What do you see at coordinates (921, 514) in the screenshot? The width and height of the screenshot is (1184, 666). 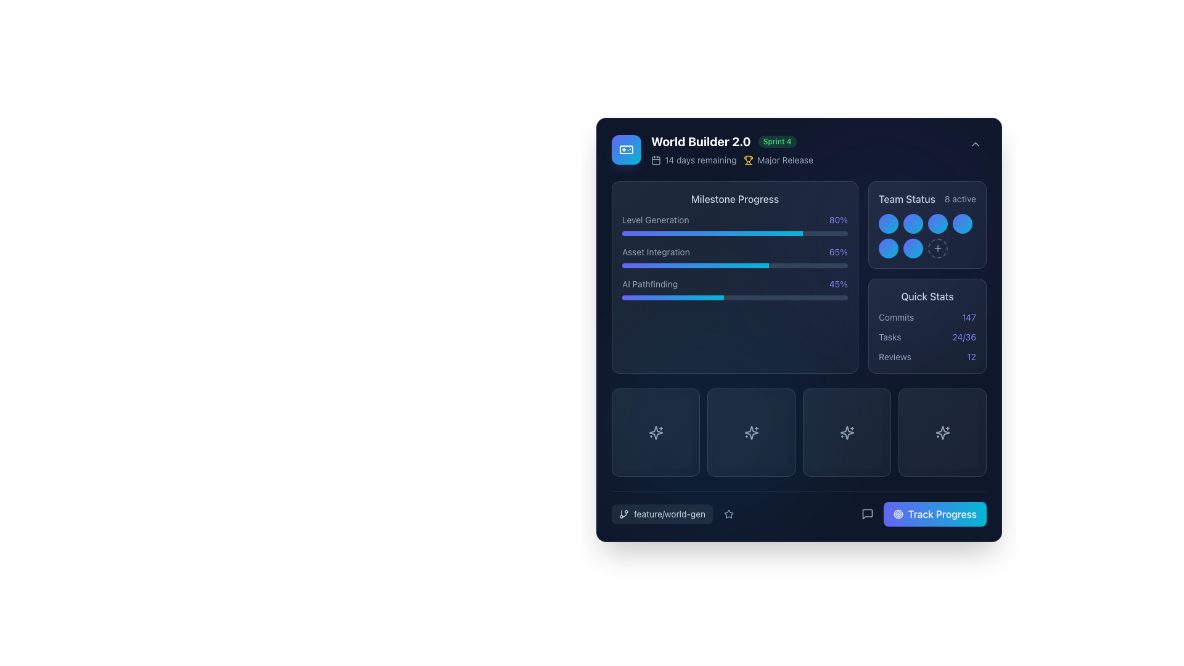 I see `the progress tracking button located` at bounding box center [921, 514].